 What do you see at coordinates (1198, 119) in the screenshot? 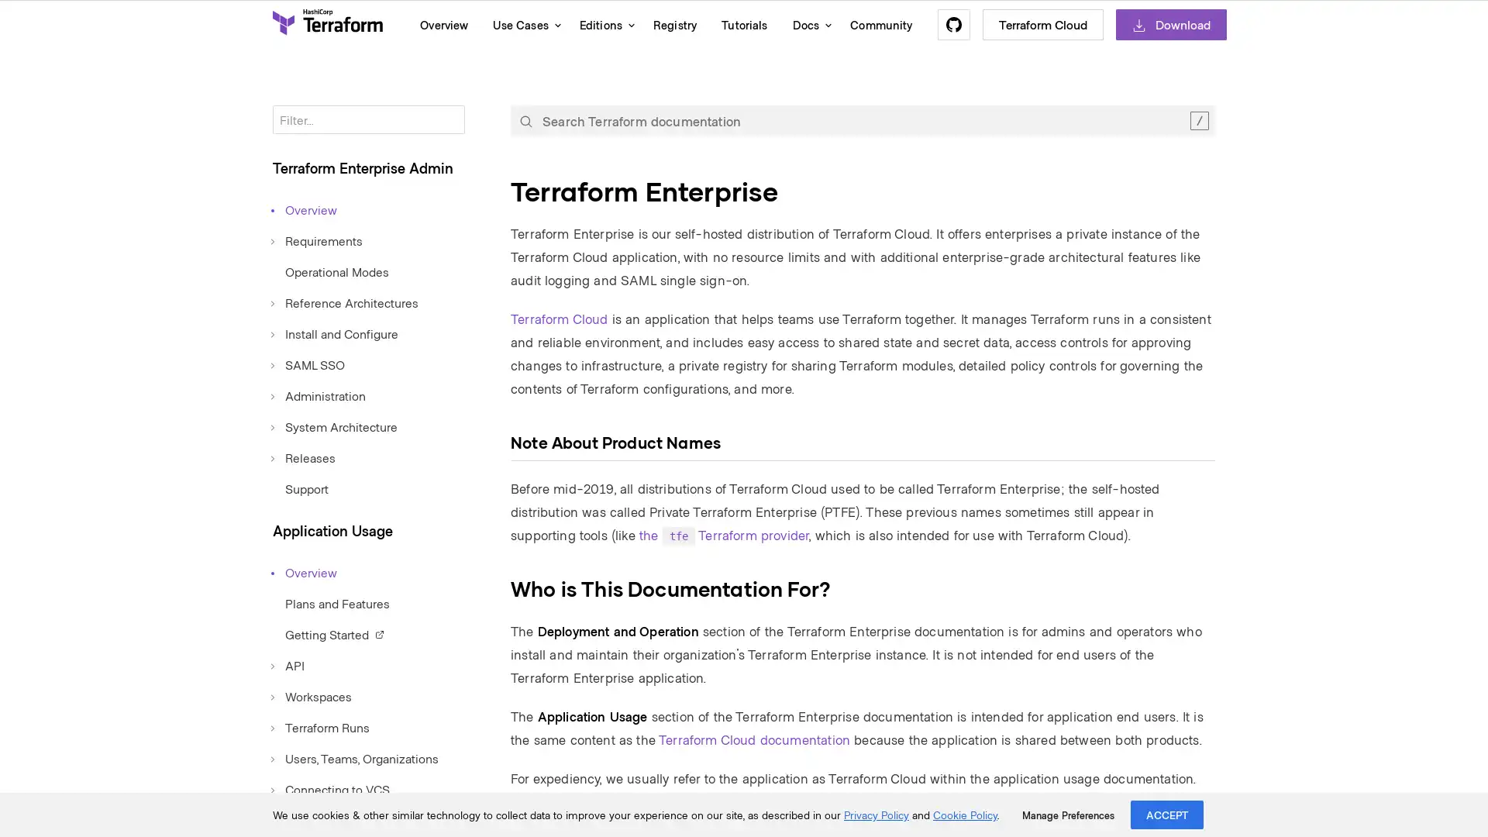
I see `Clear the search query.` at bounding box center [1198, 119].